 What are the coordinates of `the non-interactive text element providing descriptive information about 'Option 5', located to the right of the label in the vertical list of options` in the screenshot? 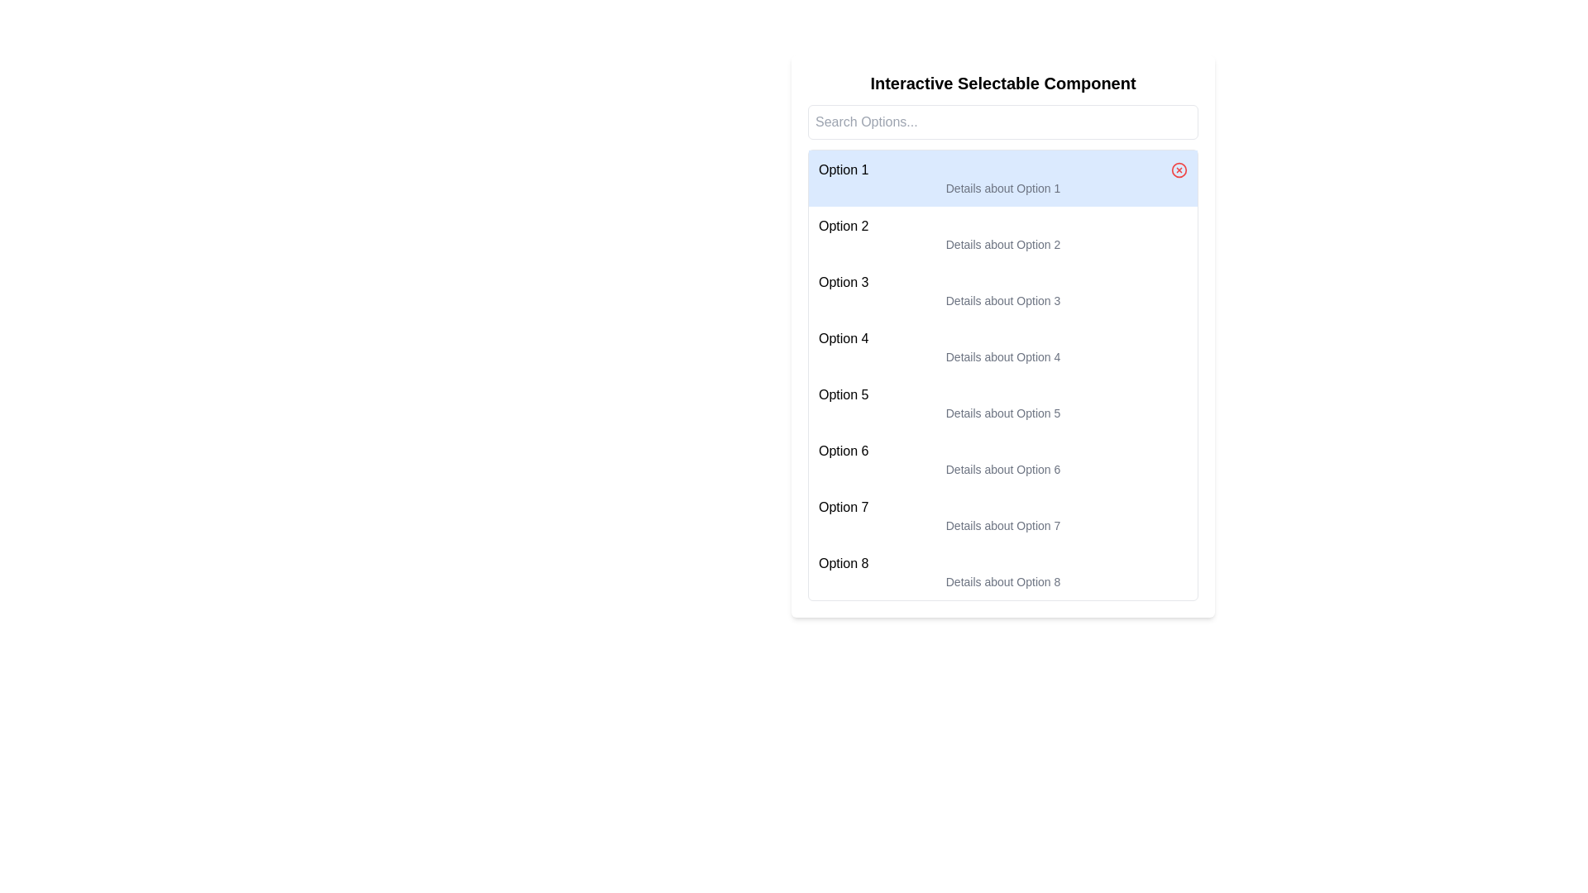 It's located at (1002, 413).